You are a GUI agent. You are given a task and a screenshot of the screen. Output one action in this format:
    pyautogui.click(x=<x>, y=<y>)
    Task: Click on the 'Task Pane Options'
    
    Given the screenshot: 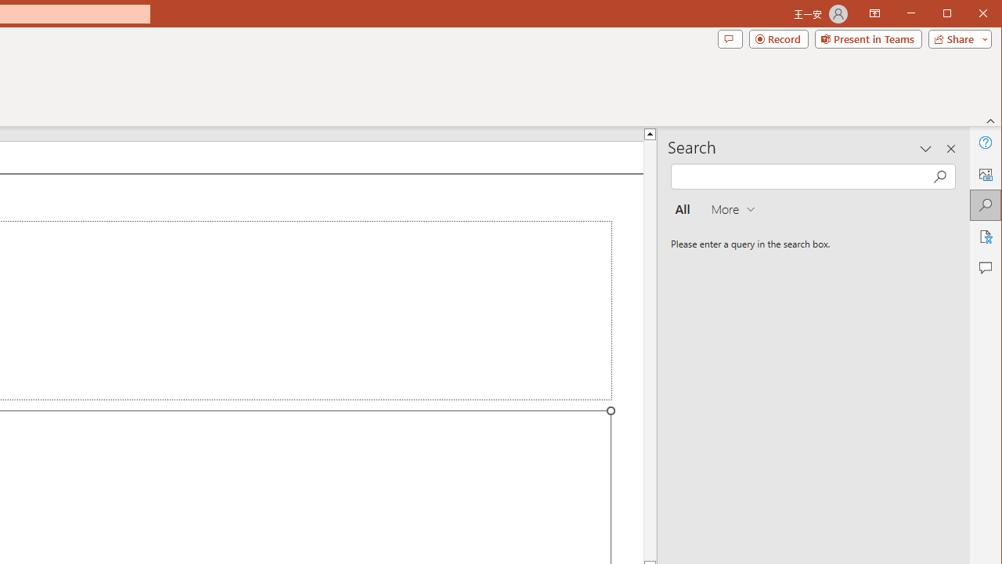 What is the action you would take?
    pyautogui.click(x=926, y=149)
    